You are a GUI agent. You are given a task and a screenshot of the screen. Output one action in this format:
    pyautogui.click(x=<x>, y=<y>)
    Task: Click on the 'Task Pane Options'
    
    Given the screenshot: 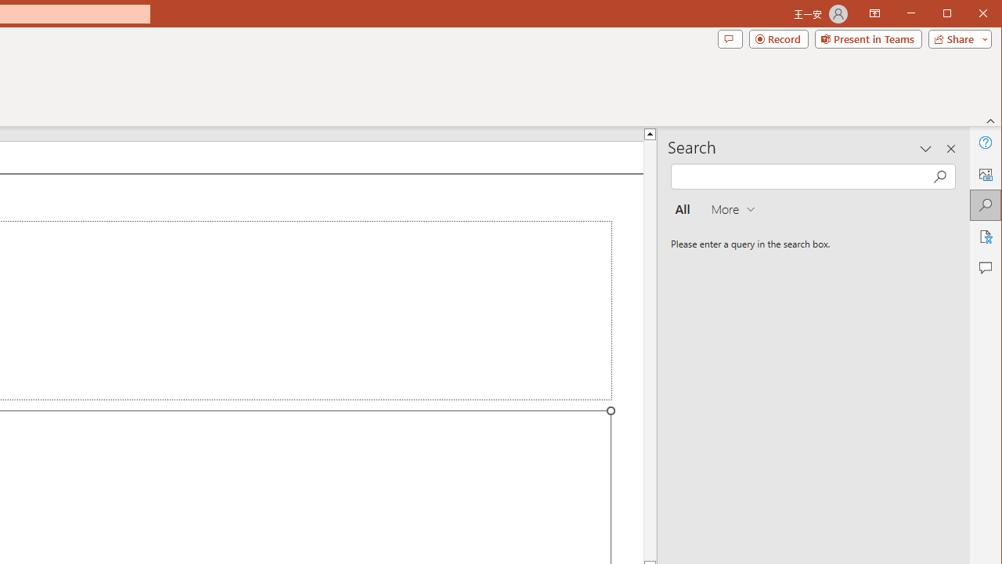 What is the action you would take?
    pyautogui.click(x=926, y=149)
    